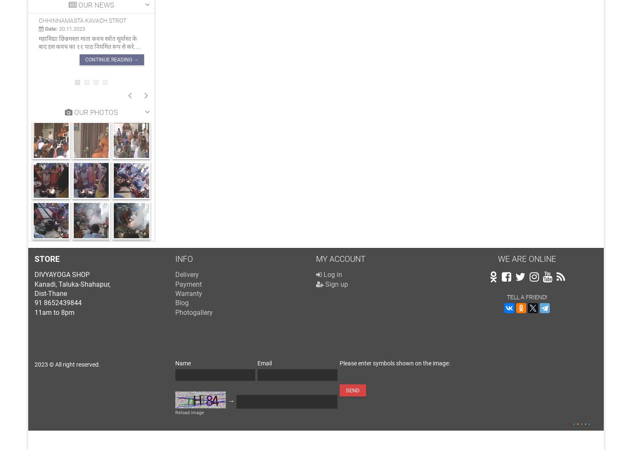 The height and width of the screenshot is (450, 632). I want to click on '20.11.2023', so click(71, 28).